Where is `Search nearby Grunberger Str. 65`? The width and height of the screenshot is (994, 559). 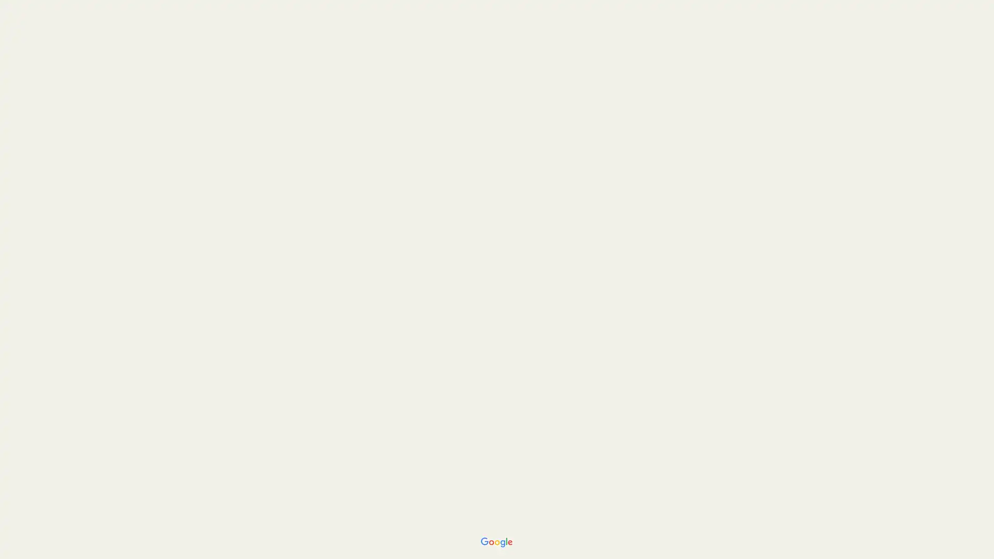 Search nearby Grunberger Str. 65 is located at coordinates (105, 208).